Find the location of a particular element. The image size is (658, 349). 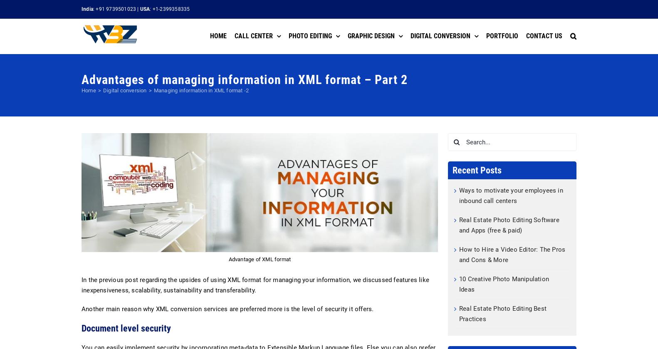

'India' is located at coordinates (87, 9).